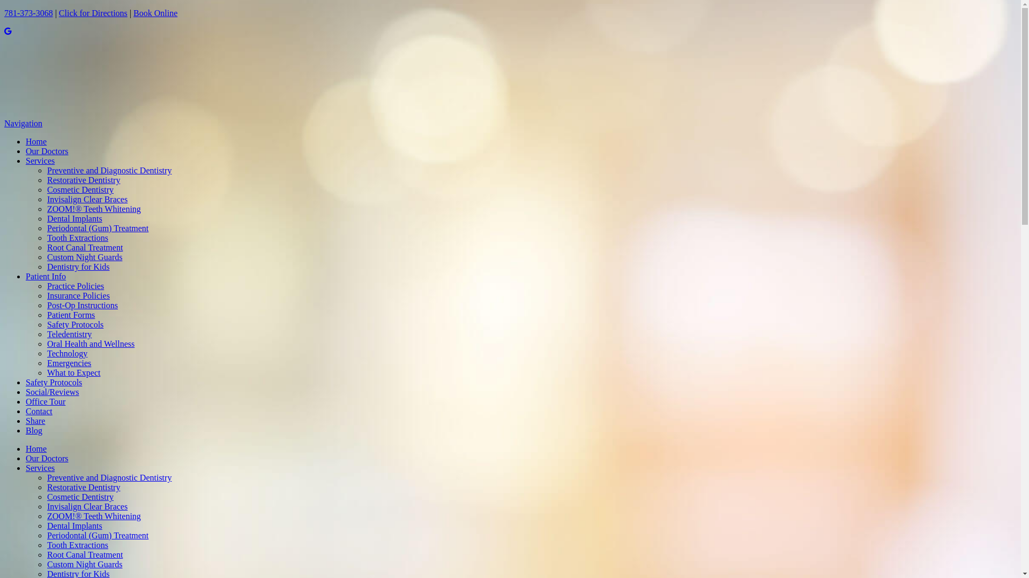 This screenshot has width=1029, height=578. I want to click on 'Technology', so click(66, 353).